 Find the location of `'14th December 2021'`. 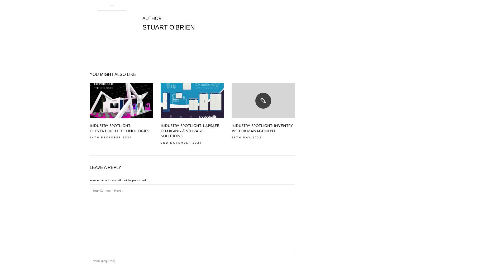

'14th December 2021' is located at coordinates (111, 137).